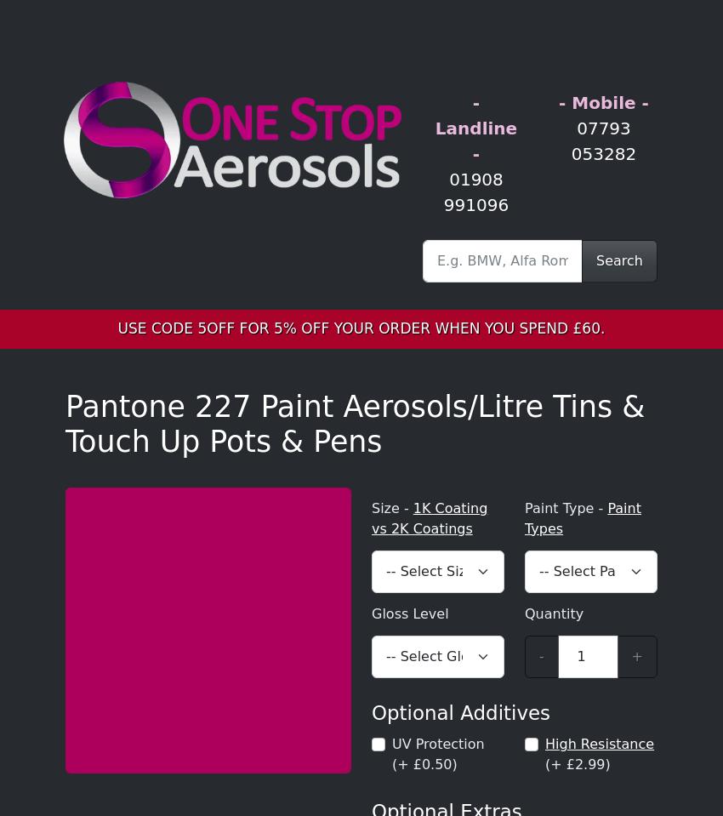 The image size is (723, 816). Describe the element at coordinates (47, 31) in the screenshot. I see `'(0)'` at that location.